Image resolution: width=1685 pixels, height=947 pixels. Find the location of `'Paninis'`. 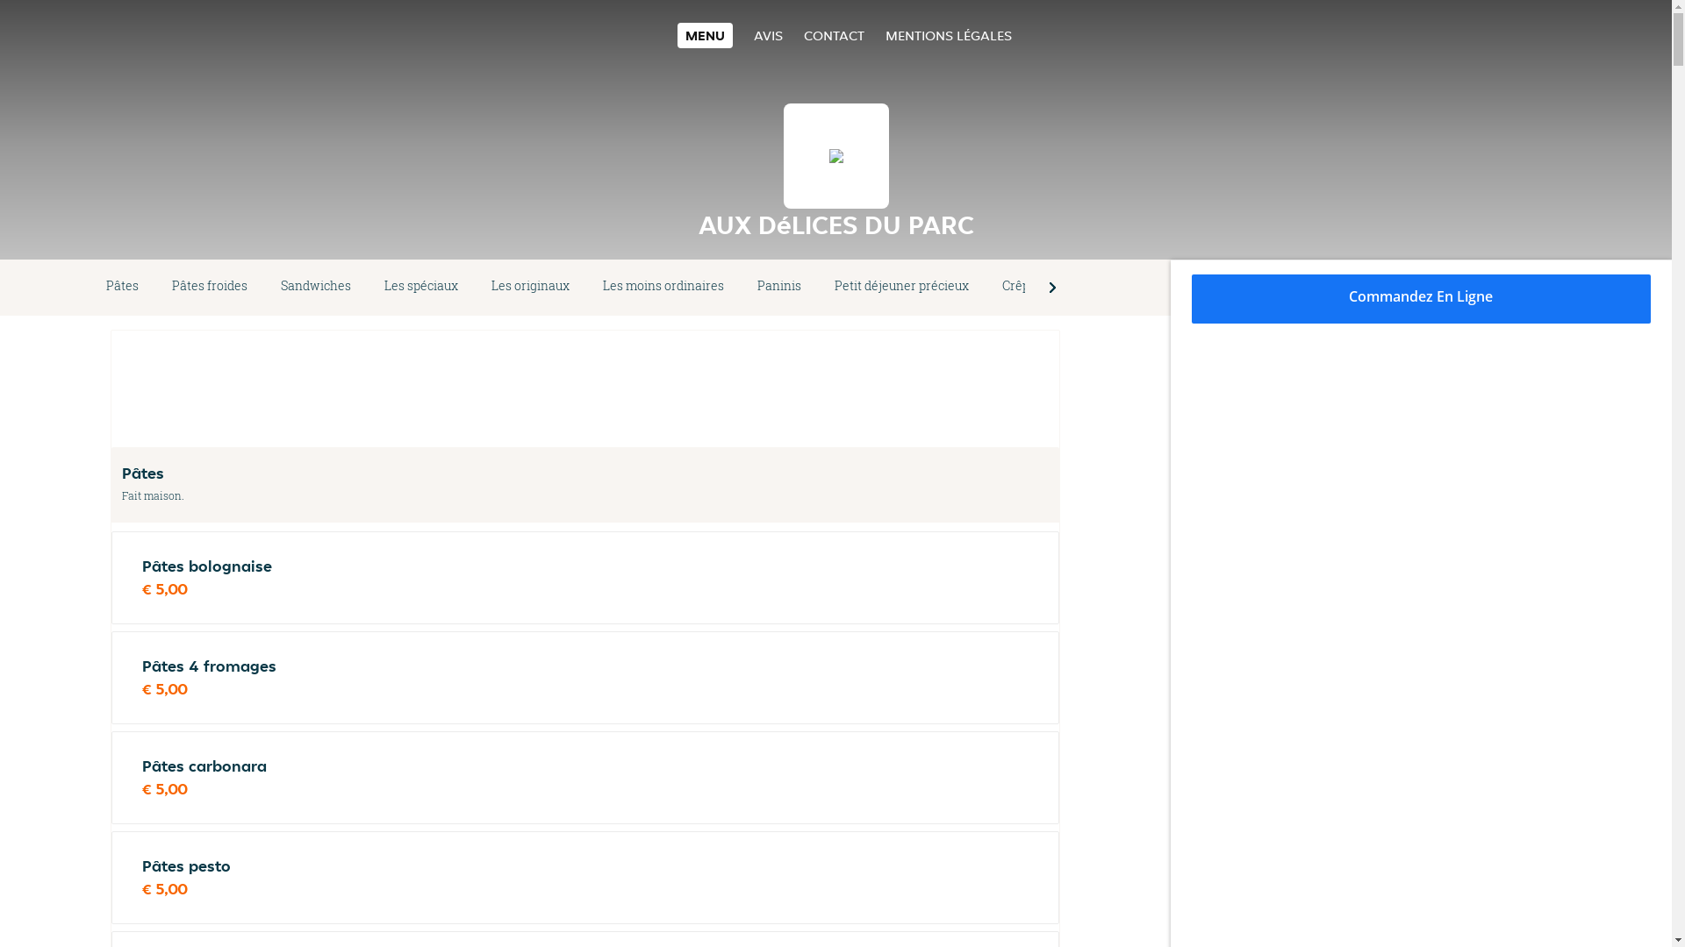

'Paninis' is located at coordinates (778, 286).